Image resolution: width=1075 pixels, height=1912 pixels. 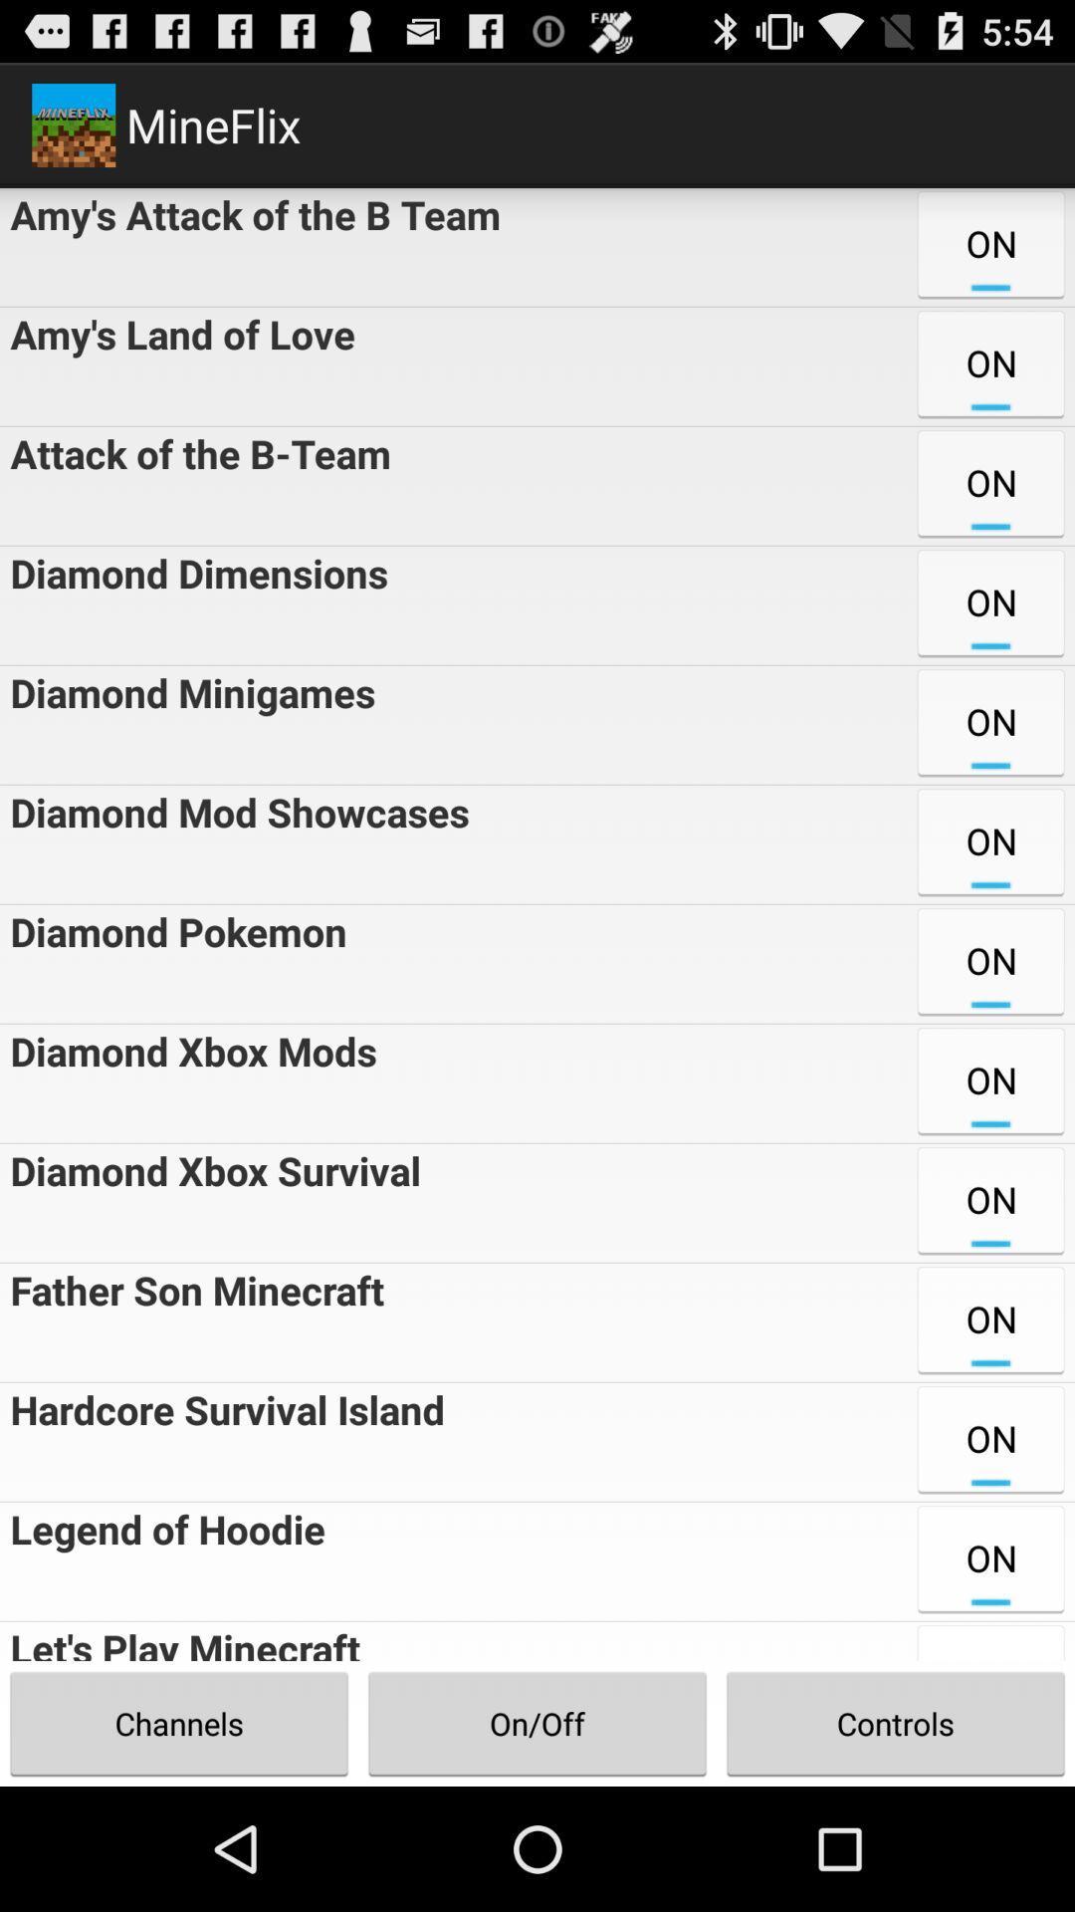 What do you see at coordinates (161, 1560) in the screenshot?
I see `legend of hoodie item` at bounding box center [161, 1560].